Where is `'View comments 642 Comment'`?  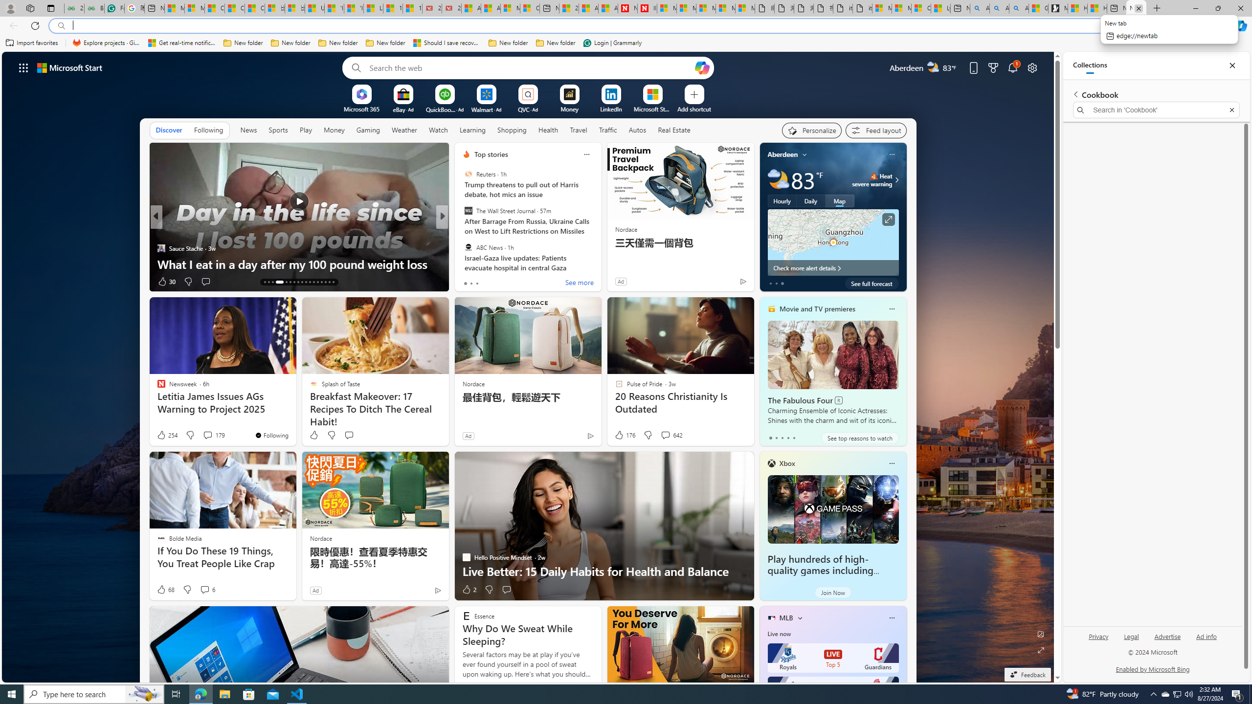 'View comments 642 Comment' is located at coordinates (671, 434).